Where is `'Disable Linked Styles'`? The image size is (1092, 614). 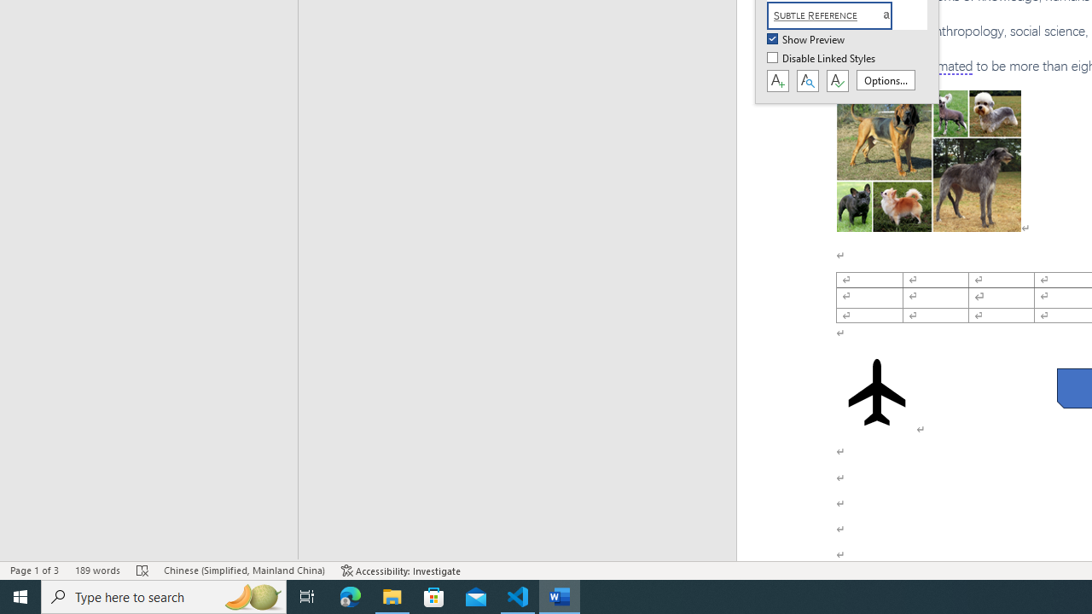
'Disable Linked Styles' is located at coordinates (822, 58).